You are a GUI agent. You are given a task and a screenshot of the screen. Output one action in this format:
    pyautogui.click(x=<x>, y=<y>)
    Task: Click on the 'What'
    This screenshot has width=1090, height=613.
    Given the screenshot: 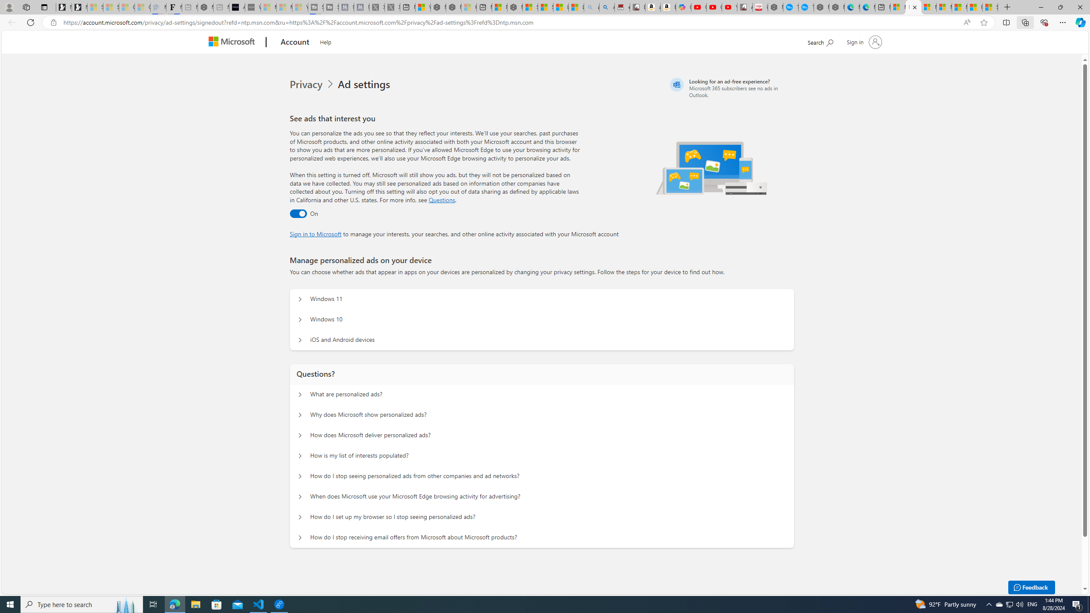 What is the action you would take?
    pyautogui.click(x=252, y=7)
    